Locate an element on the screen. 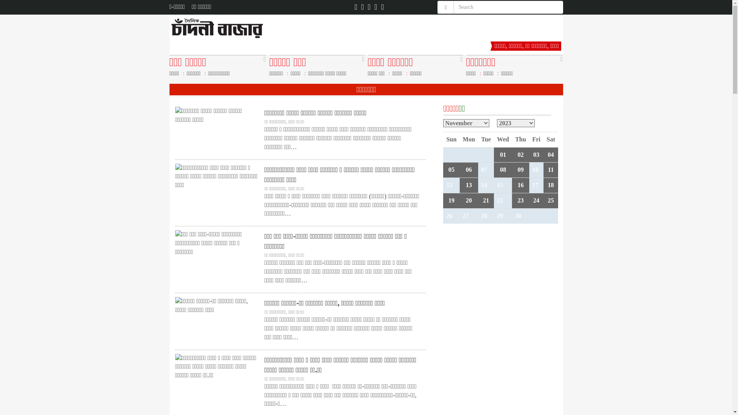 This screenshot has height=415, width=738. '24' is located at coordinates (536, 200).